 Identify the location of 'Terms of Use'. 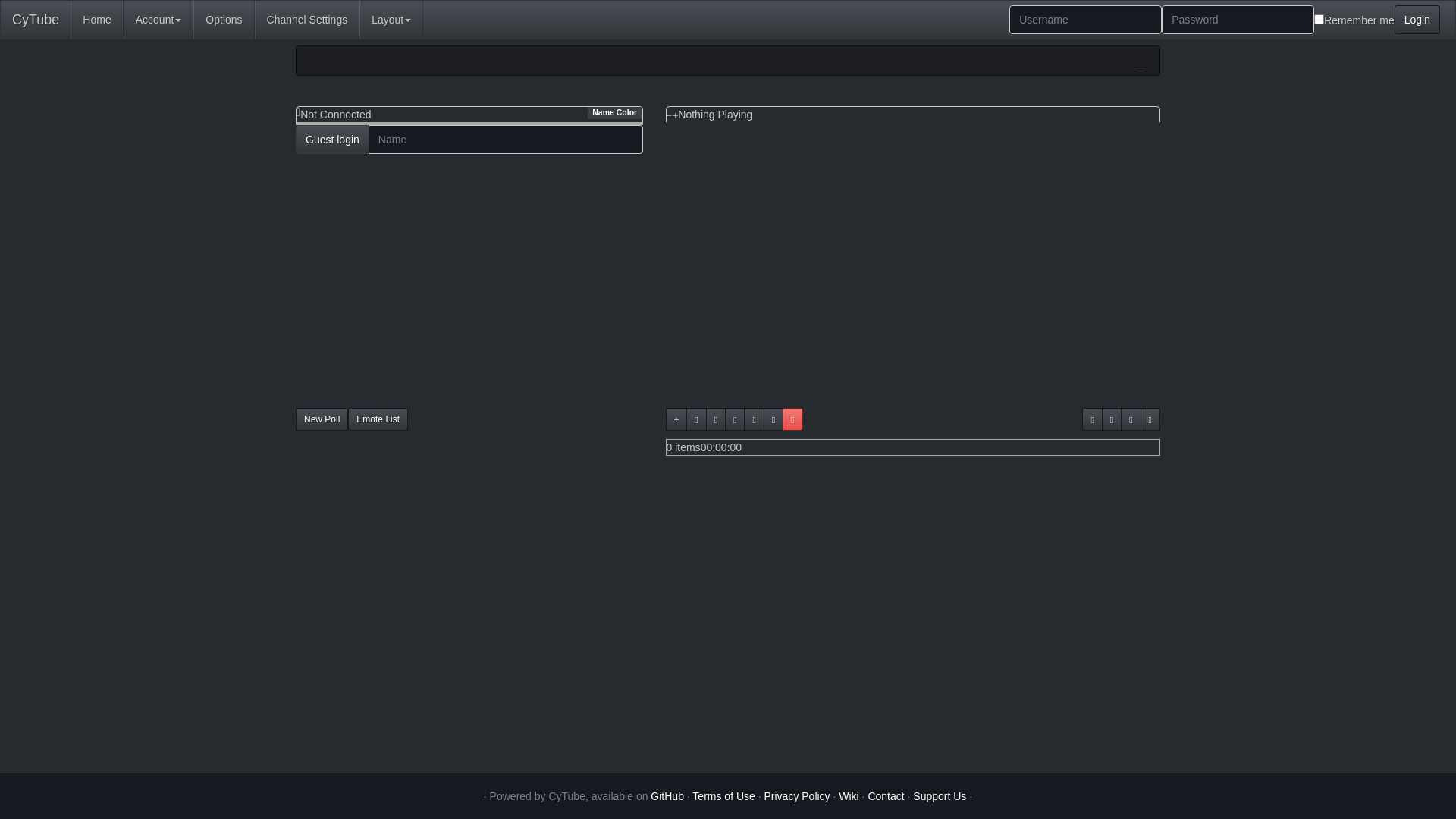
(723, 795).